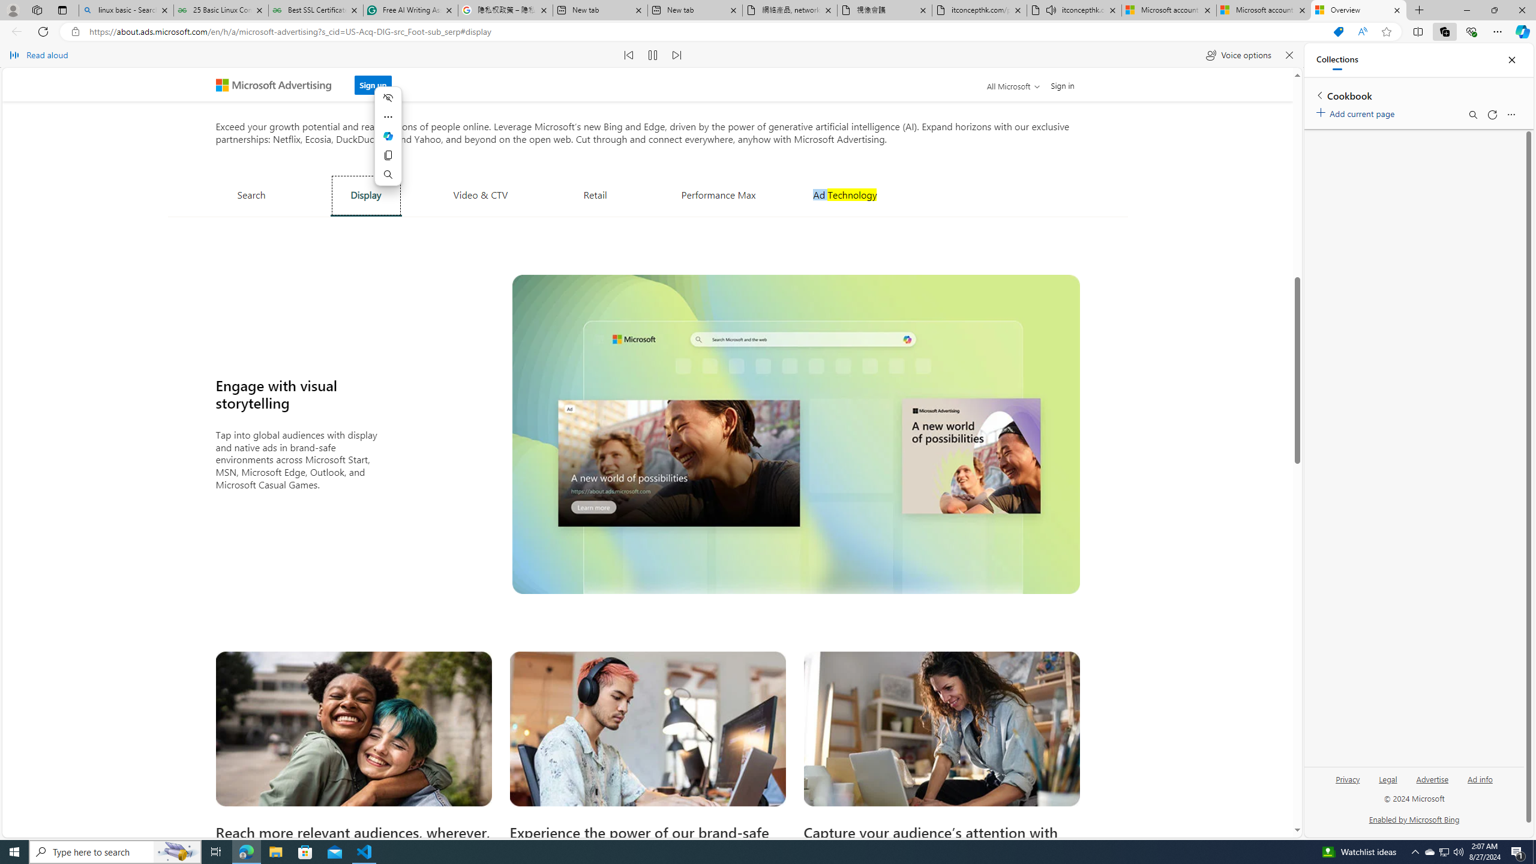 This screenshot has height=864, width=1536. I want to click on 'Sign in', so click(1062, 85).